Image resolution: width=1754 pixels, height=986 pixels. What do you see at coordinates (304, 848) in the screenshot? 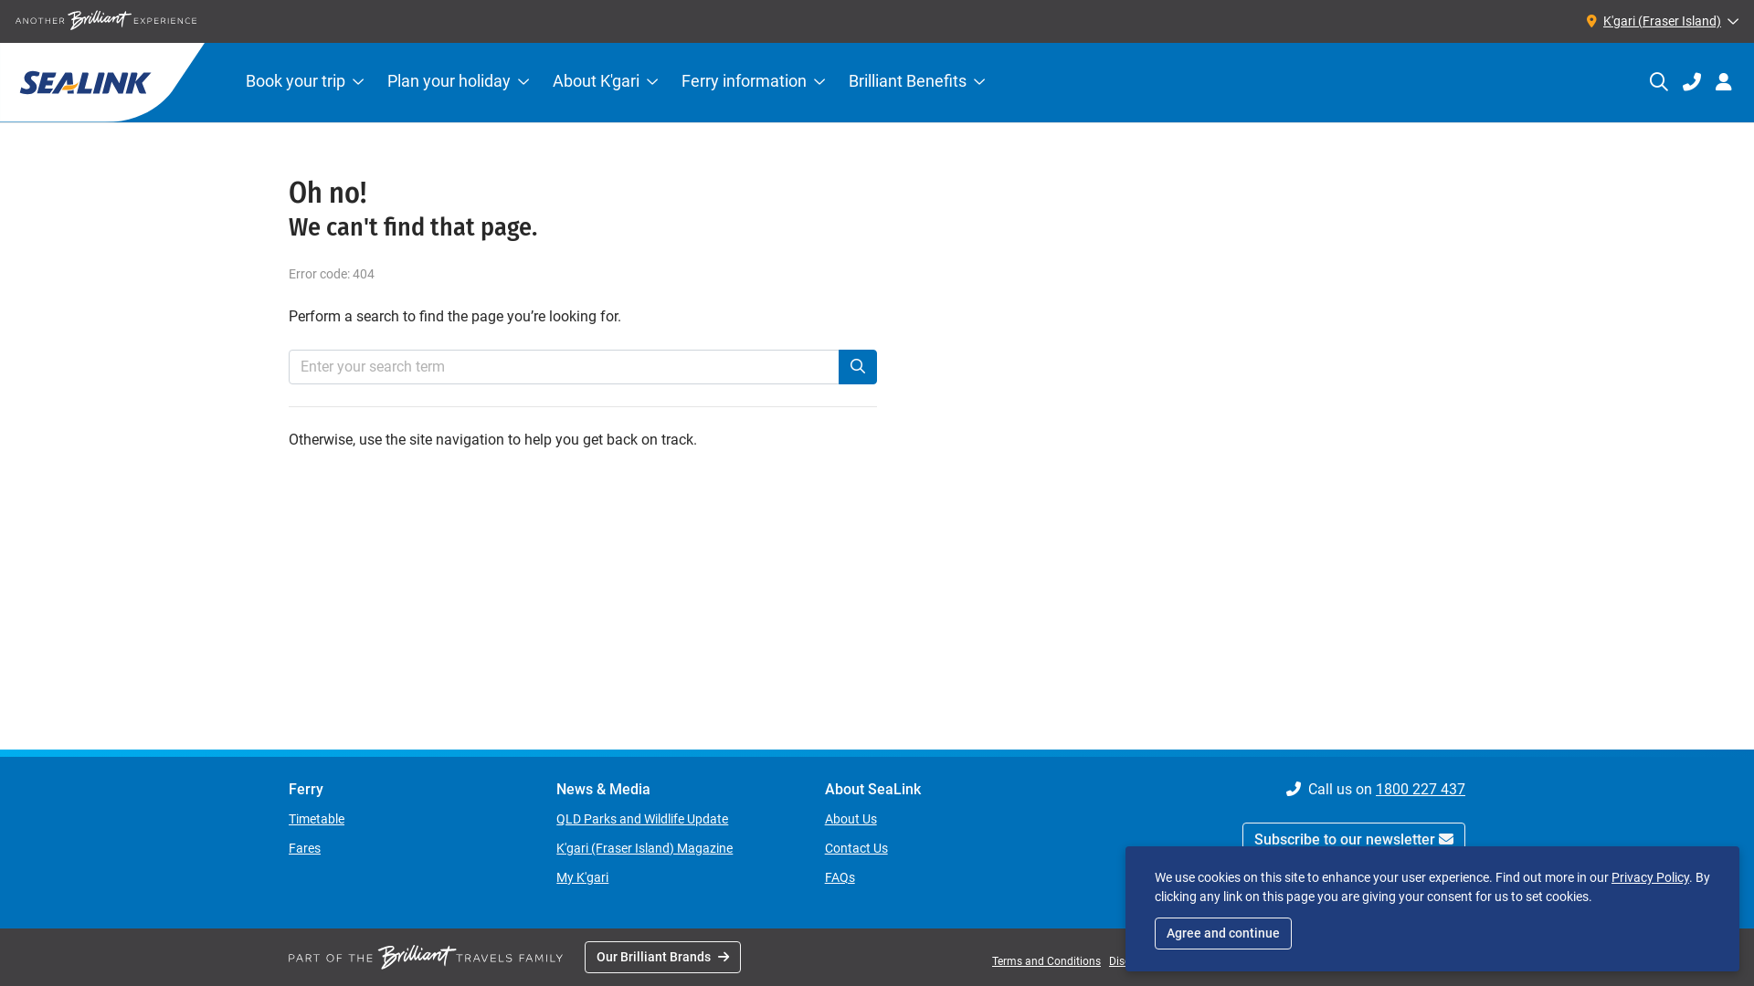
I see `'Fares'` at bounding box center [304, 848].